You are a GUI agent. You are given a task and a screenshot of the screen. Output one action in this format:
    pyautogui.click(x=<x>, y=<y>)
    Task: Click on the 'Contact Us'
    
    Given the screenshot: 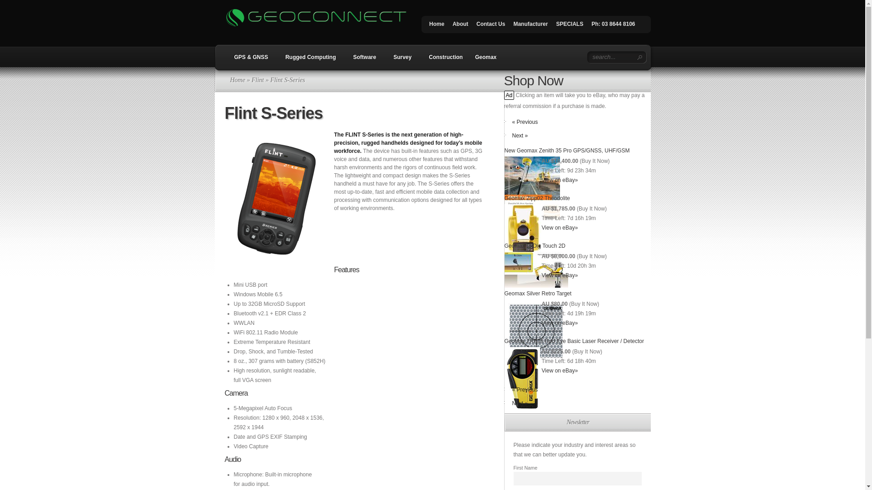 What is the action you would take?
    pyautogui.click(x=490, y=25)
    